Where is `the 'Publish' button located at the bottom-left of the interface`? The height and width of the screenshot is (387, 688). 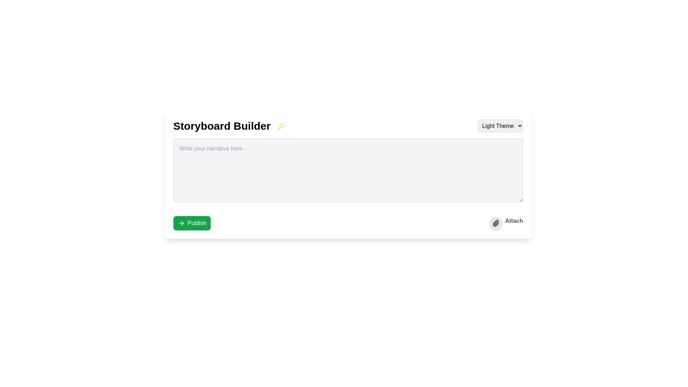 the 'Publish' button located at the bottom-left of the interface is located at coordinates (192, 223).